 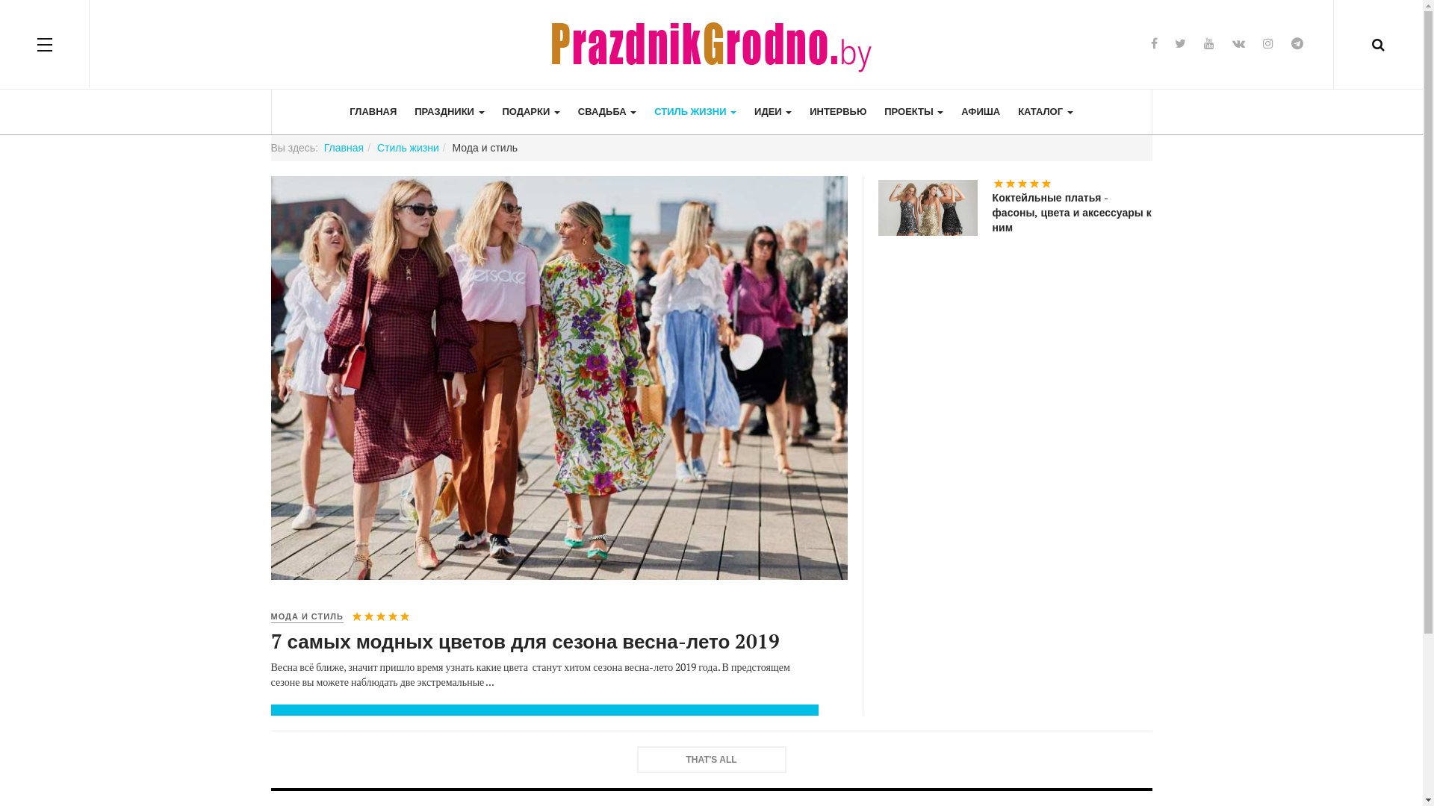 I want to click on 'instagram', so click(x=1267, y=43).